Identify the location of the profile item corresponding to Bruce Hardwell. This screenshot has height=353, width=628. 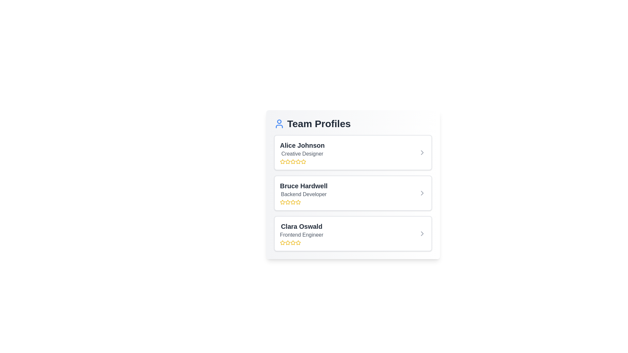
(353, 193).